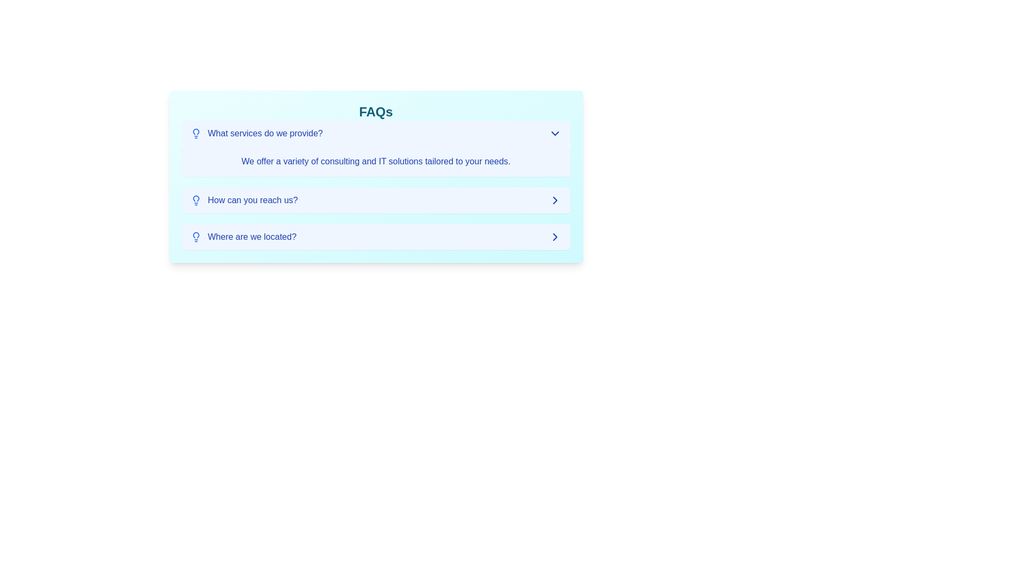 The image size is (1035, 582). I want to click on the chevron icon located next to the 'Where are we located?' question in the FAQ list, so click(555, 236).